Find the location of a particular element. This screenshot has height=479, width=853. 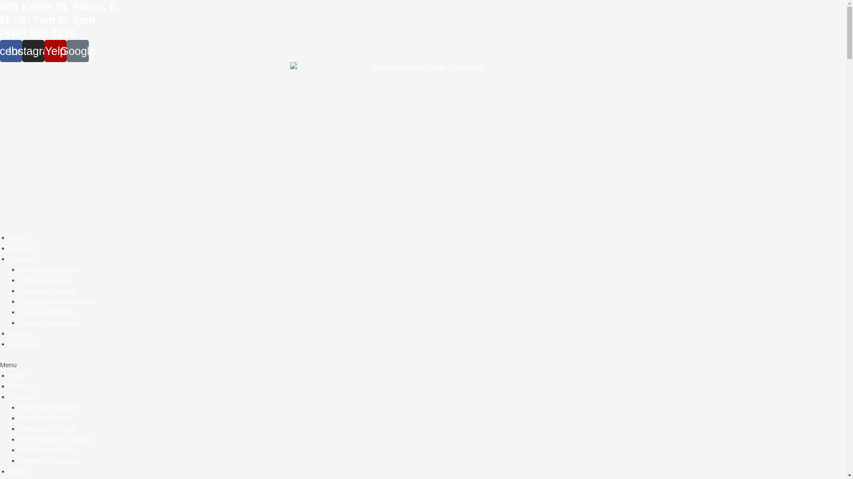

'General Contracting' is located at coordinates (48, 322).